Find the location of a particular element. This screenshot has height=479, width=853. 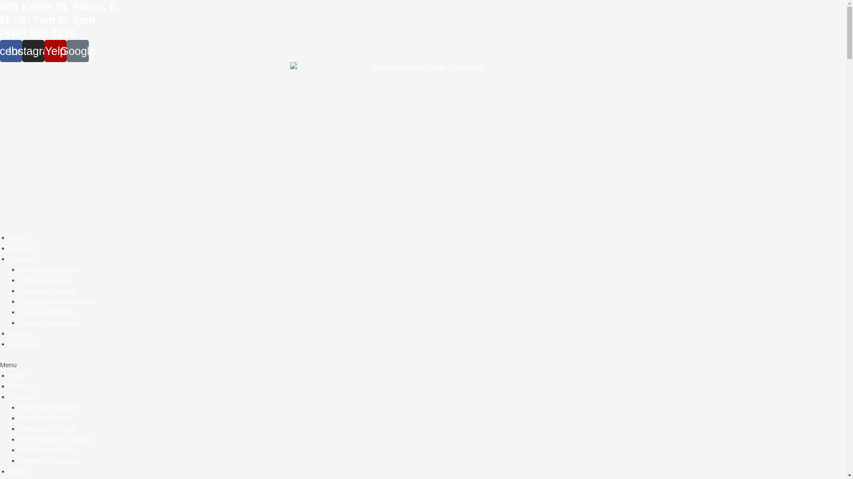

'General Contracting' is located at coordinates (48, 322).